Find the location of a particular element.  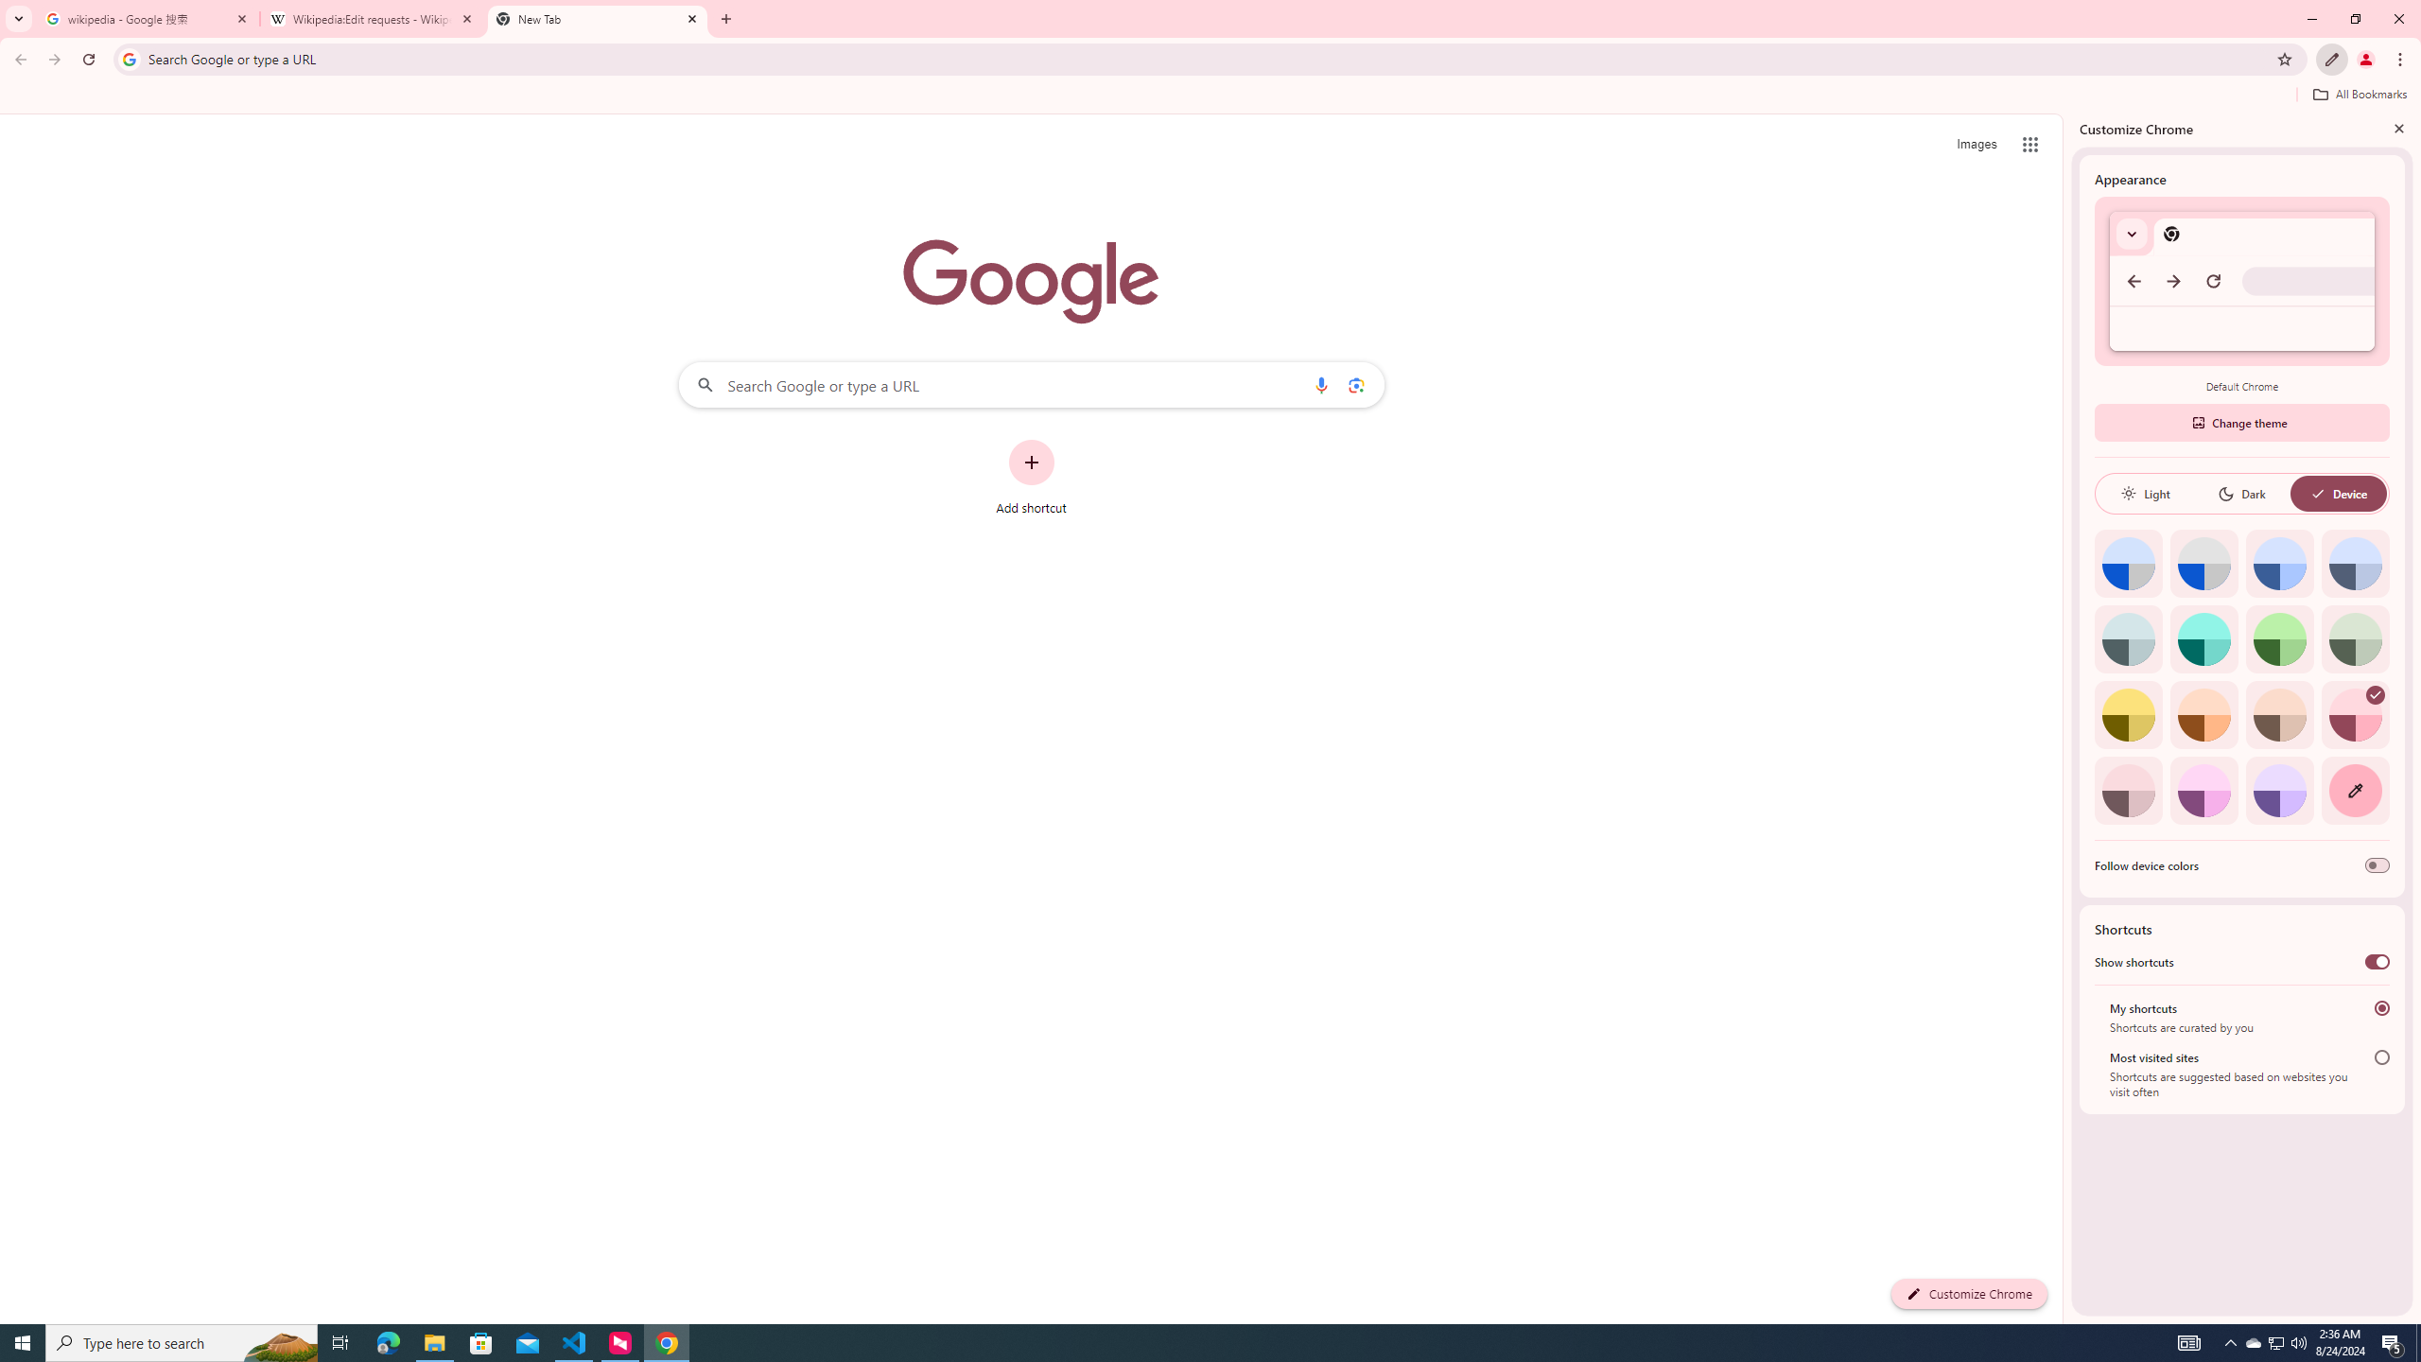

'Viridian' is located at coordinates (2355, 637).